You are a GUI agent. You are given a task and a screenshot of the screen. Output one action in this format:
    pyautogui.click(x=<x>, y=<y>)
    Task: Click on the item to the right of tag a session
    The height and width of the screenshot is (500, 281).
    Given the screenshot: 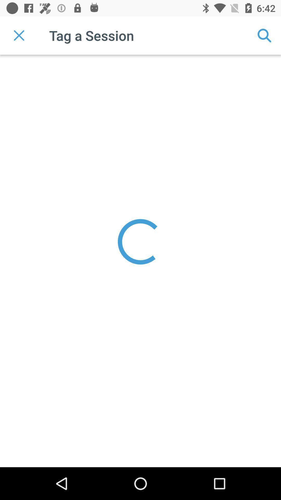 What is the action you would take?
    pyautogui.click(x=265, y=35)
    